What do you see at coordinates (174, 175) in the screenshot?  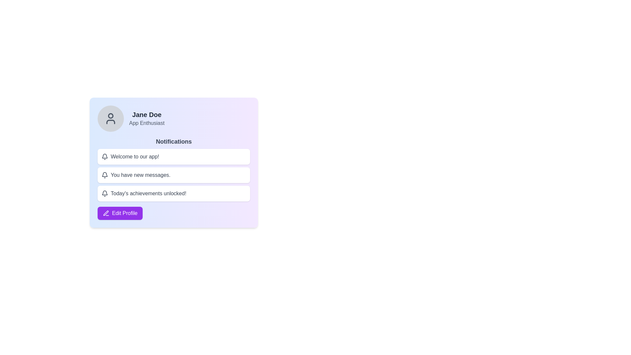 I see `the second notification item in the notification list to potentially reveal additional information` at bounding box center [174, 175].